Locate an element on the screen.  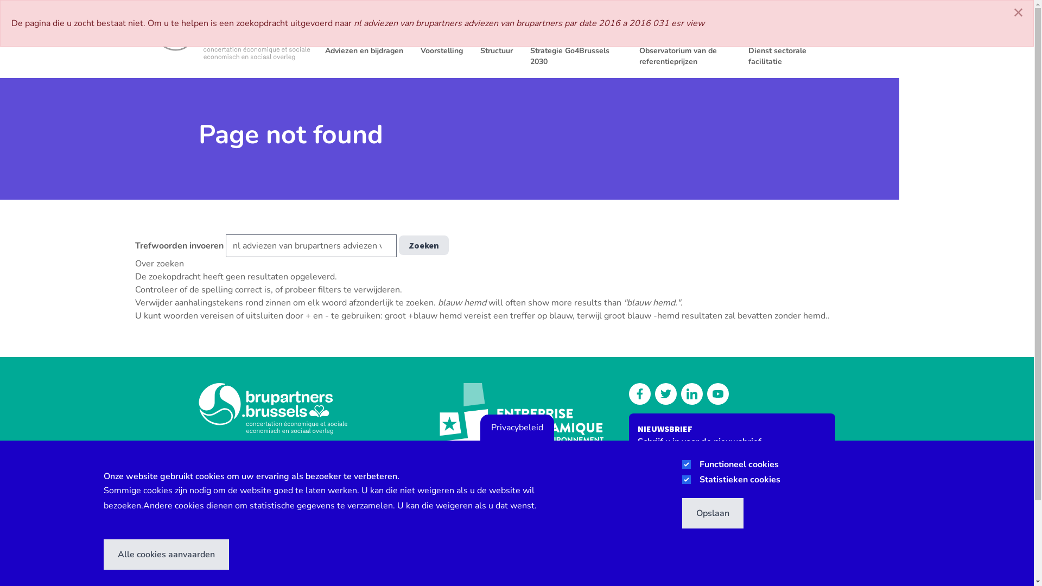
'Watch us on our YouTube channel' is located at coordinates (718, 393).